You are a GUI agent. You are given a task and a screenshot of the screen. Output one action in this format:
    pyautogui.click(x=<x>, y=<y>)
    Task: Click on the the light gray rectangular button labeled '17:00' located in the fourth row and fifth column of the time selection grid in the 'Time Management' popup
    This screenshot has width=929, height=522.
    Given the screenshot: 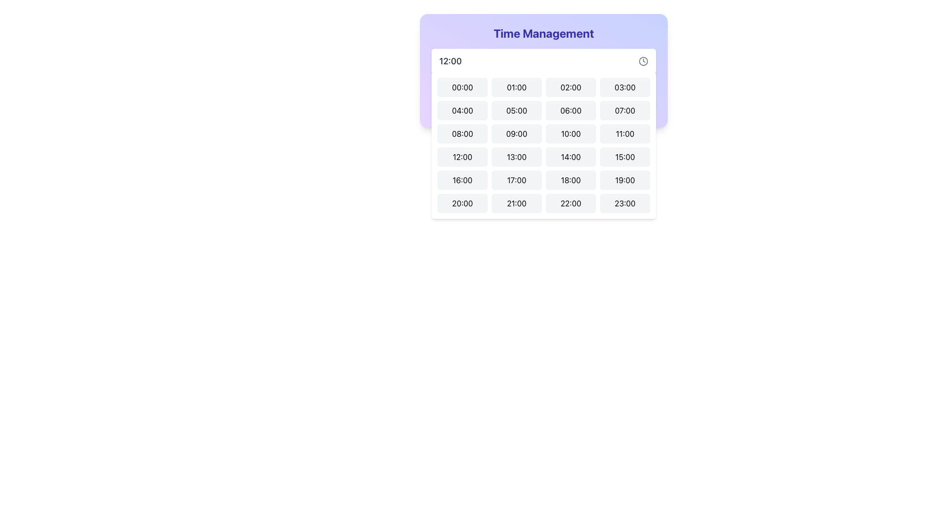 What is the action you would take?
    pyautogui.click(x=516, y=180)
    